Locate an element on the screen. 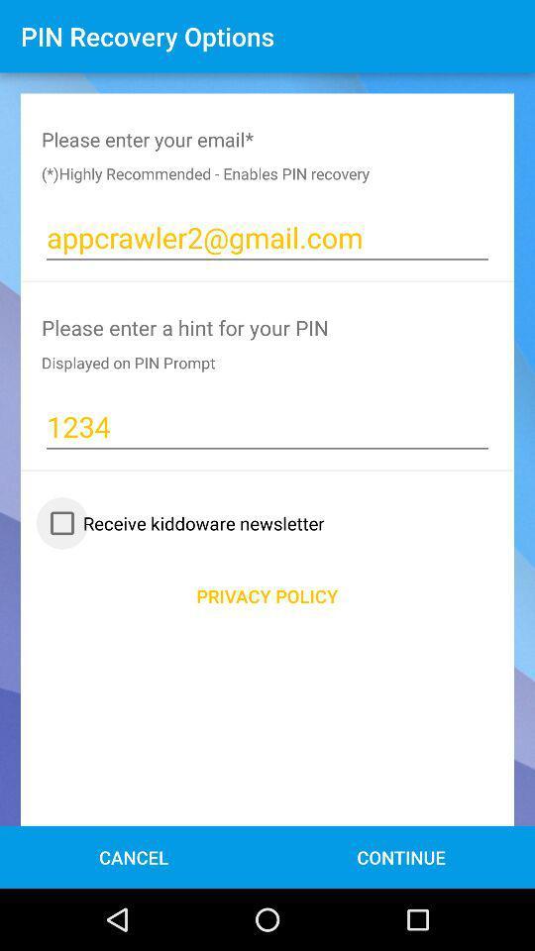 The height and width of the screenshot is (951, 535). the item next to the continue item is located at coordinates (134, 856).